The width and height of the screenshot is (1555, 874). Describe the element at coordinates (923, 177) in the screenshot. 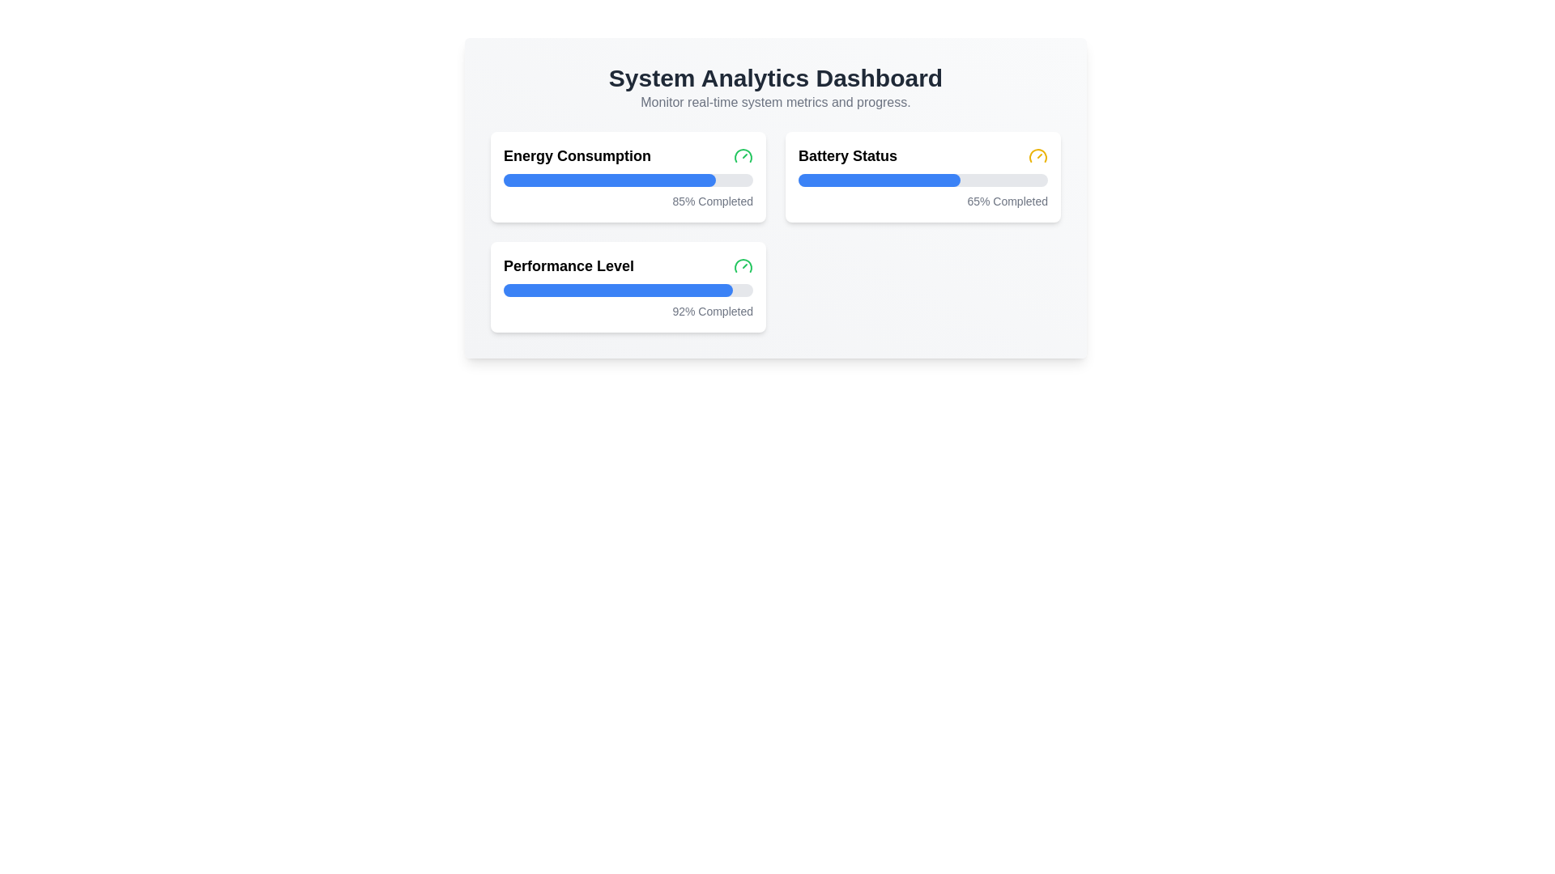

I see `progress information displayed on the battery status card, which includes a progress bar and percentage text, located in the first row, second column of the grid layout` at that location.